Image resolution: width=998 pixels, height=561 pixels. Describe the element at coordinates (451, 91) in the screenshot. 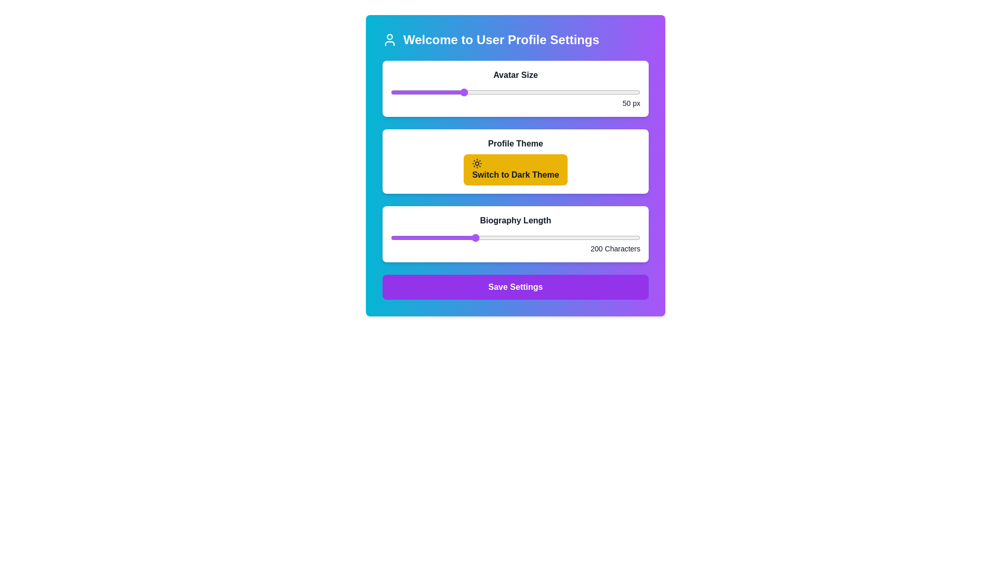

I see `avatar size` at that location.